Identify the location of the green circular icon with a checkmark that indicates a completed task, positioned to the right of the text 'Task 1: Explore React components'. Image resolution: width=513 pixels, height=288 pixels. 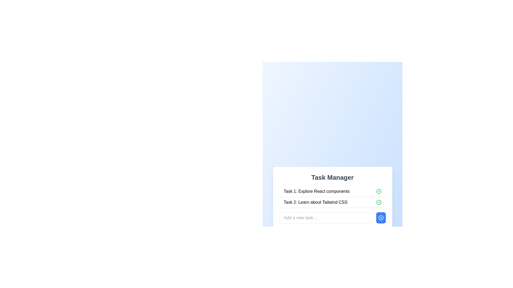
(378, 191).